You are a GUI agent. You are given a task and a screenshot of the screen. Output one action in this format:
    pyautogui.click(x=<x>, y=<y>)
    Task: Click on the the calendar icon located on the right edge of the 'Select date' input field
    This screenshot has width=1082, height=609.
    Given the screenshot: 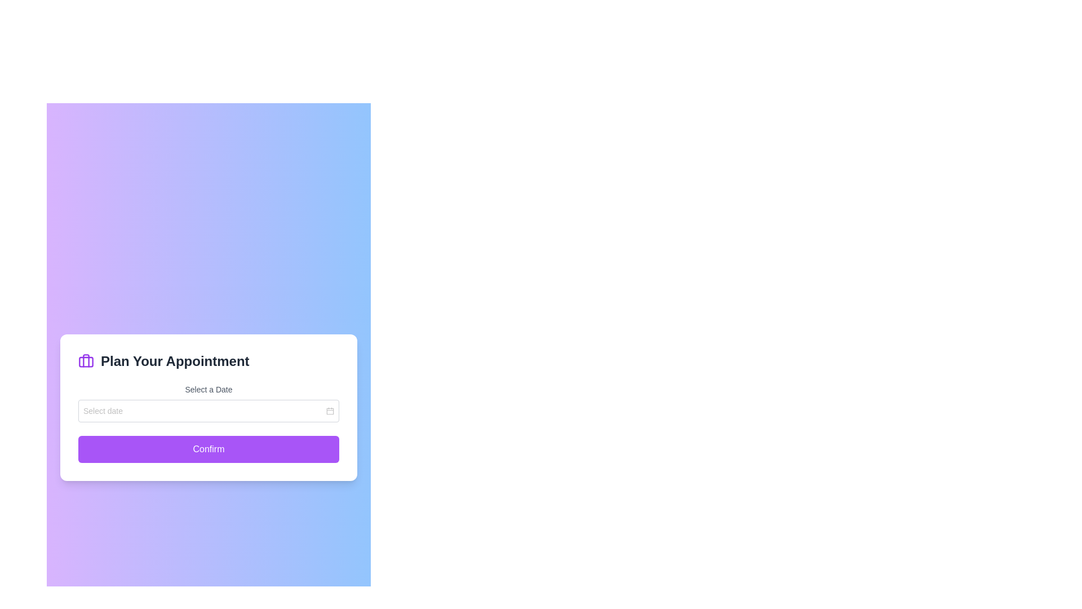 What is the action you would take?
    pyautogui.click(x=329, y=411)
    